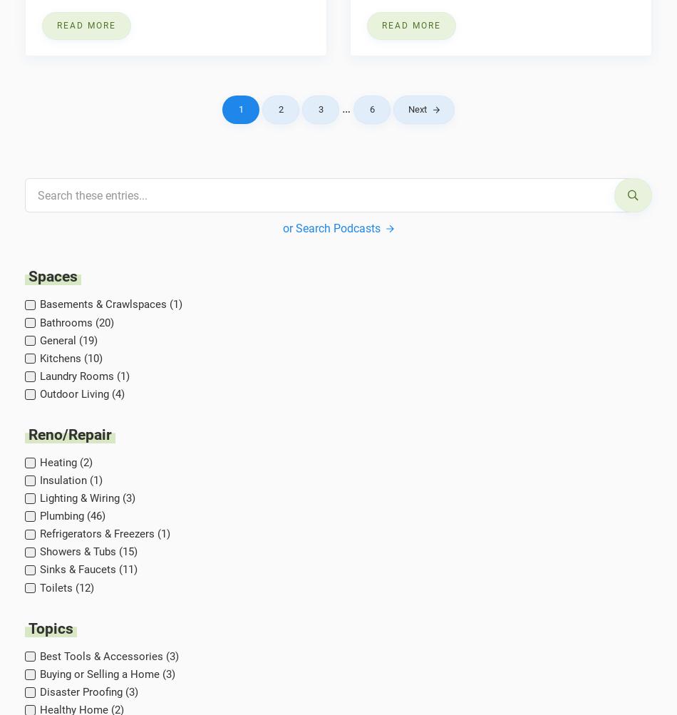  What do you see at coordinates (53, 275) in the screenshot?
I see `'Spaces'` at bounding box center [53, 275].